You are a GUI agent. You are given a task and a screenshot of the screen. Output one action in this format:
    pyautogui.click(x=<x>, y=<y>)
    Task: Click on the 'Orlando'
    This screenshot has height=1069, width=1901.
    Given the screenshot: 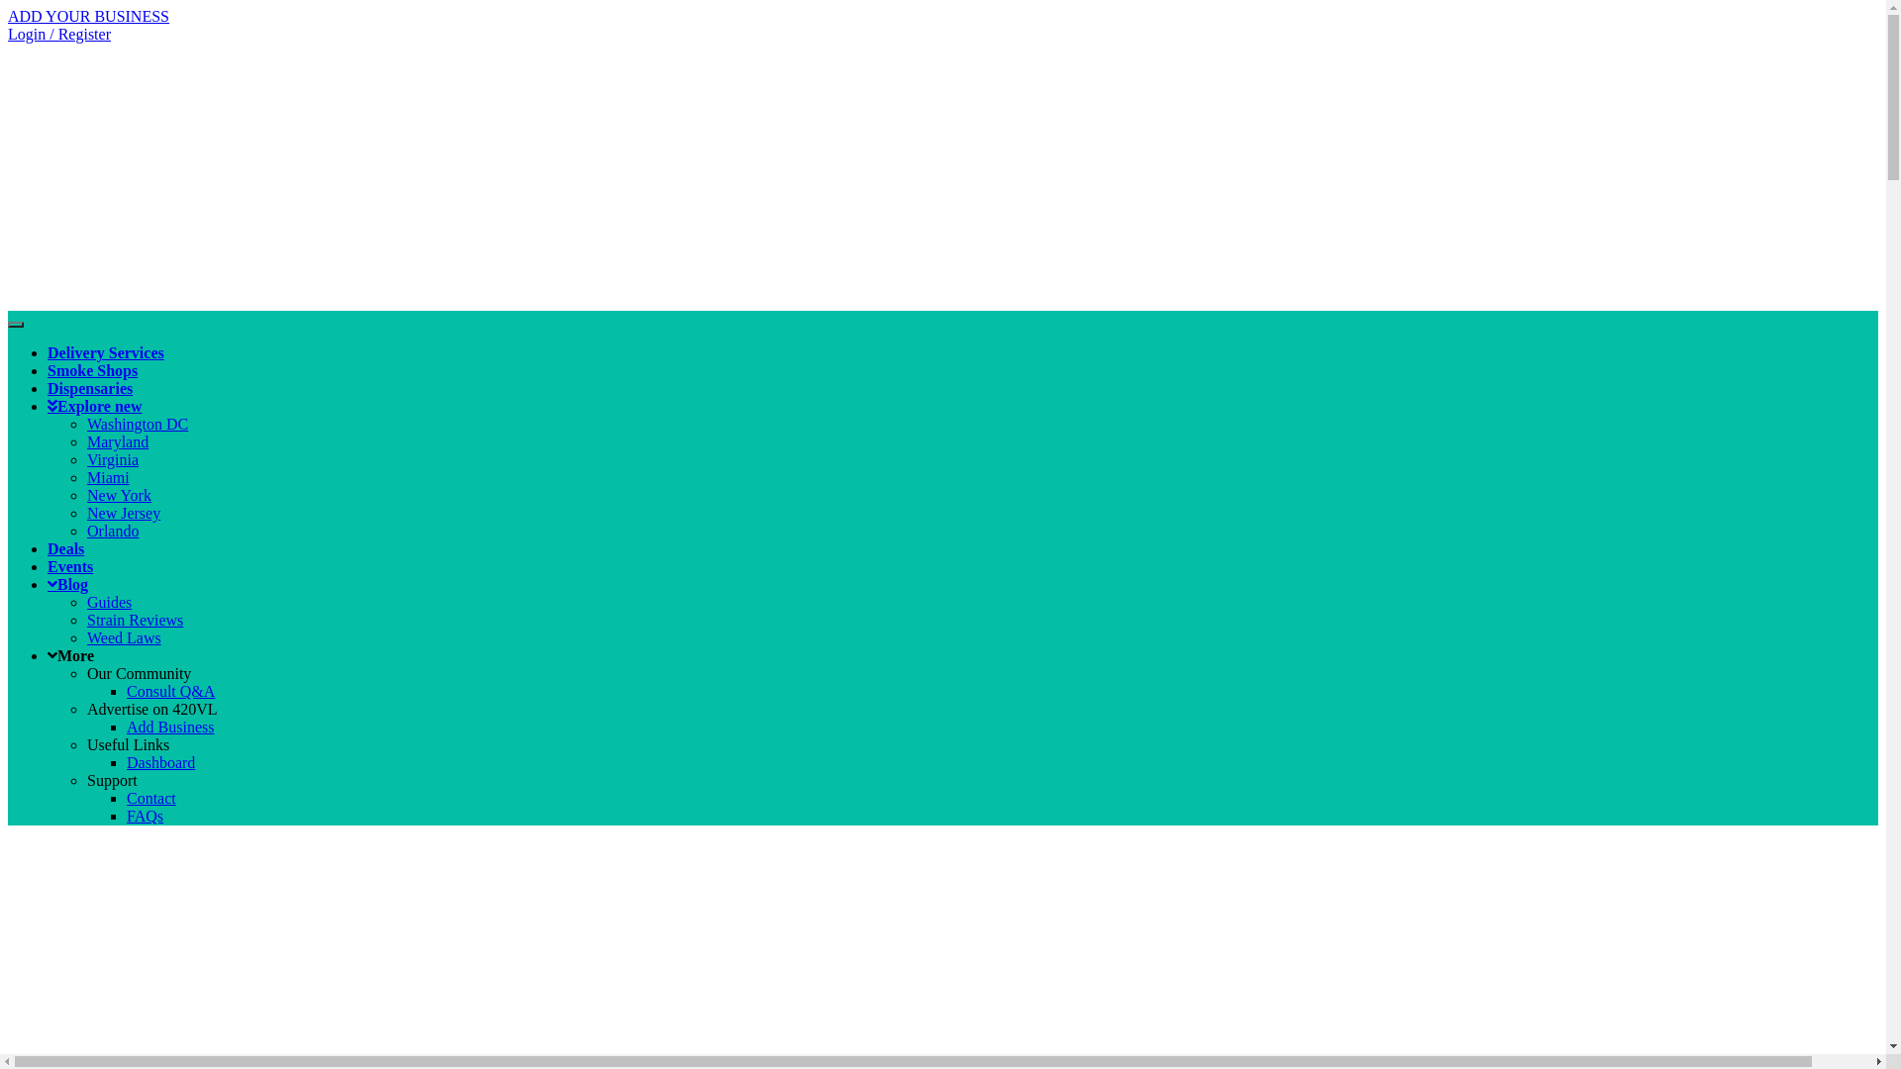 What is the action you would take?
    pyautogui.click(x=112, y=530)
    